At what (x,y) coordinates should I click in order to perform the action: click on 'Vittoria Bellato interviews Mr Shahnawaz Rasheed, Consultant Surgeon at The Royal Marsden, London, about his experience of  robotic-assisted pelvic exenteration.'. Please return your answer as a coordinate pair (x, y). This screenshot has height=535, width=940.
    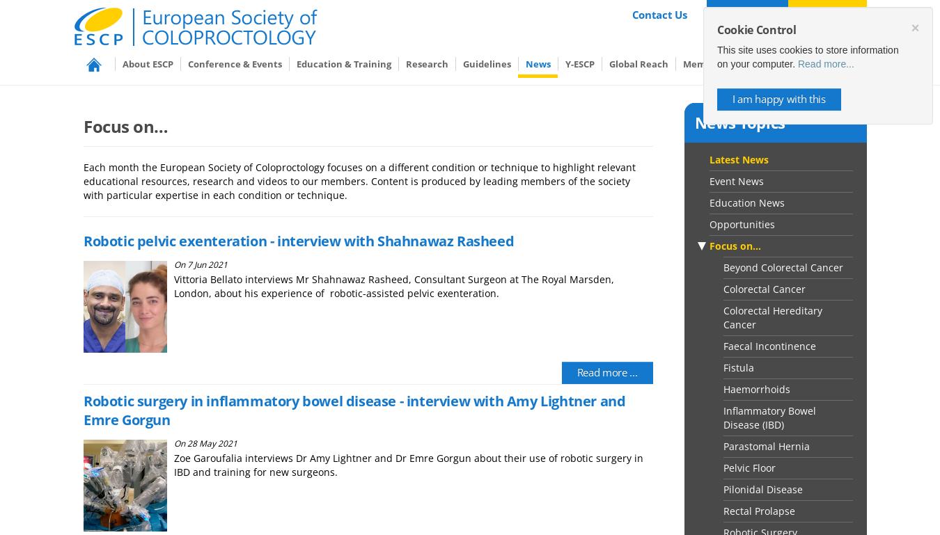
    Looking at the image, I should click on (394, 286).